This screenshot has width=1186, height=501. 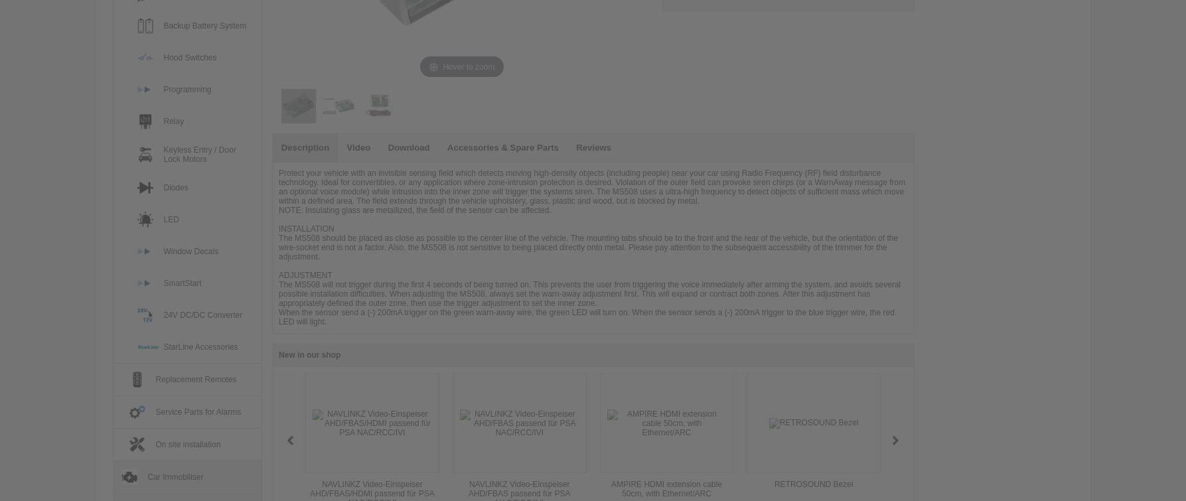 What do you see at coordinates (197, 411) in the screenshot?
I see `'Service Parts for Alarms'` at bounding box center [197, 411].